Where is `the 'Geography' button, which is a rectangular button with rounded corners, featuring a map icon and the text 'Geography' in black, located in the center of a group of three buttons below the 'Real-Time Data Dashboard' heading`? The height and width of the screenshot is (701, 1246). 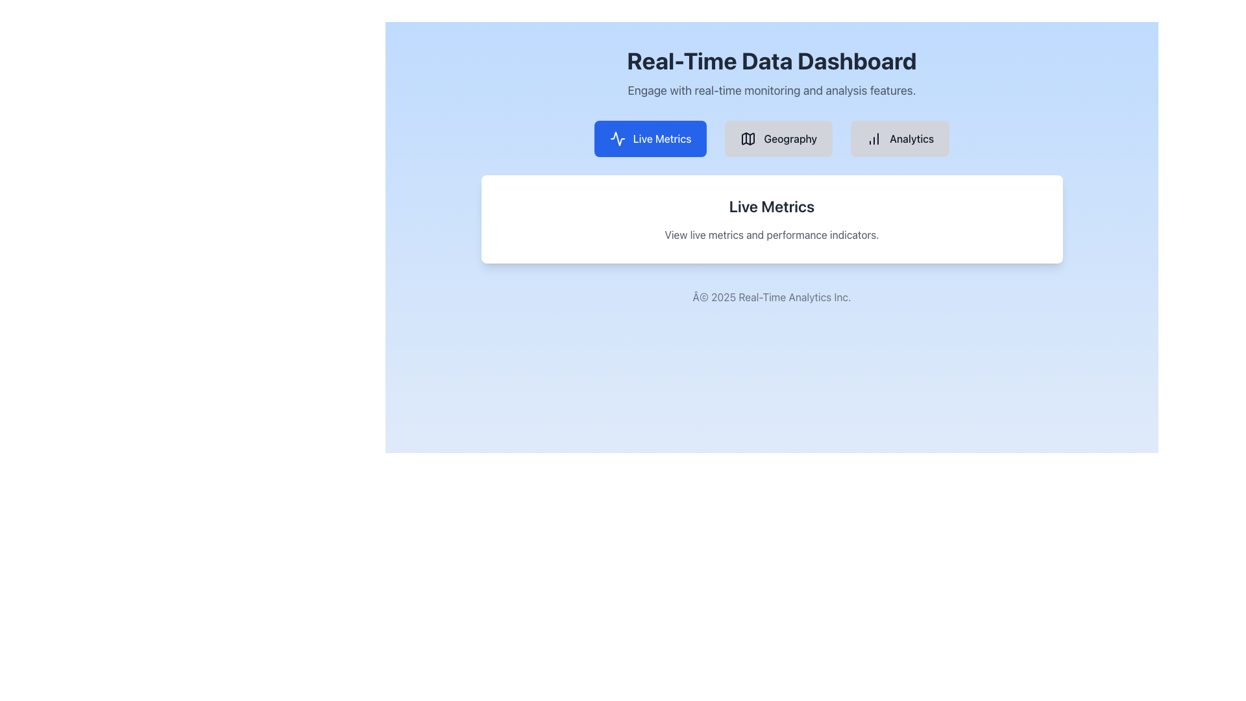 the 'Geography' button, which is a rectangular button with rounded corners, featuring a map icon and the text 'Geography' in black, located in the center of a group of three buttons below the 'Real-Time Data Dashboard' heading is located at coordinates (779, 138).